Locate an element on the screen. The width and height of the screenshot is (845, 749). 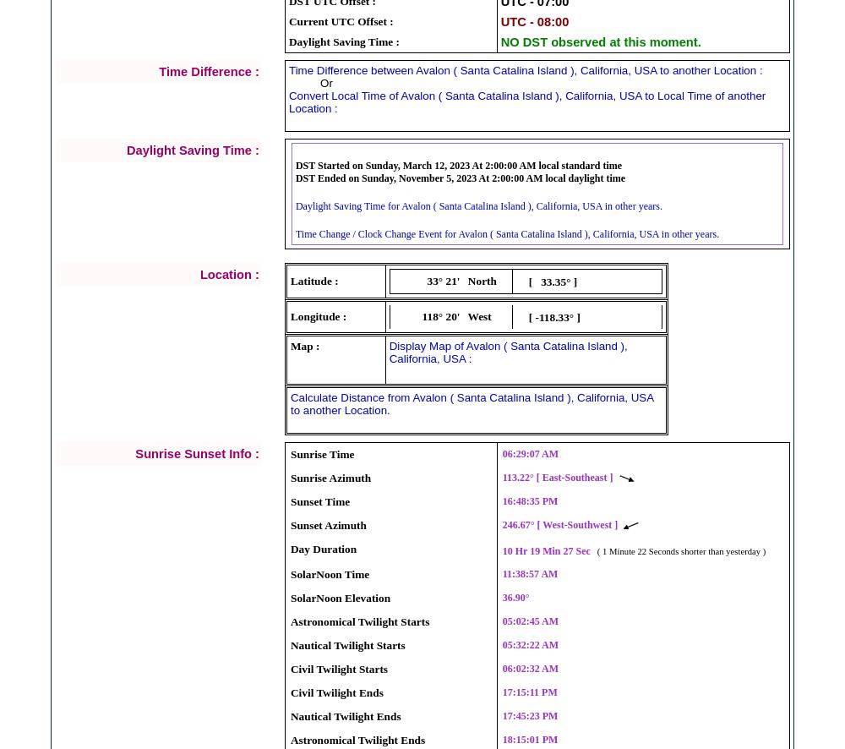
'Sunrise Time' is located at coordinates (322, 453).